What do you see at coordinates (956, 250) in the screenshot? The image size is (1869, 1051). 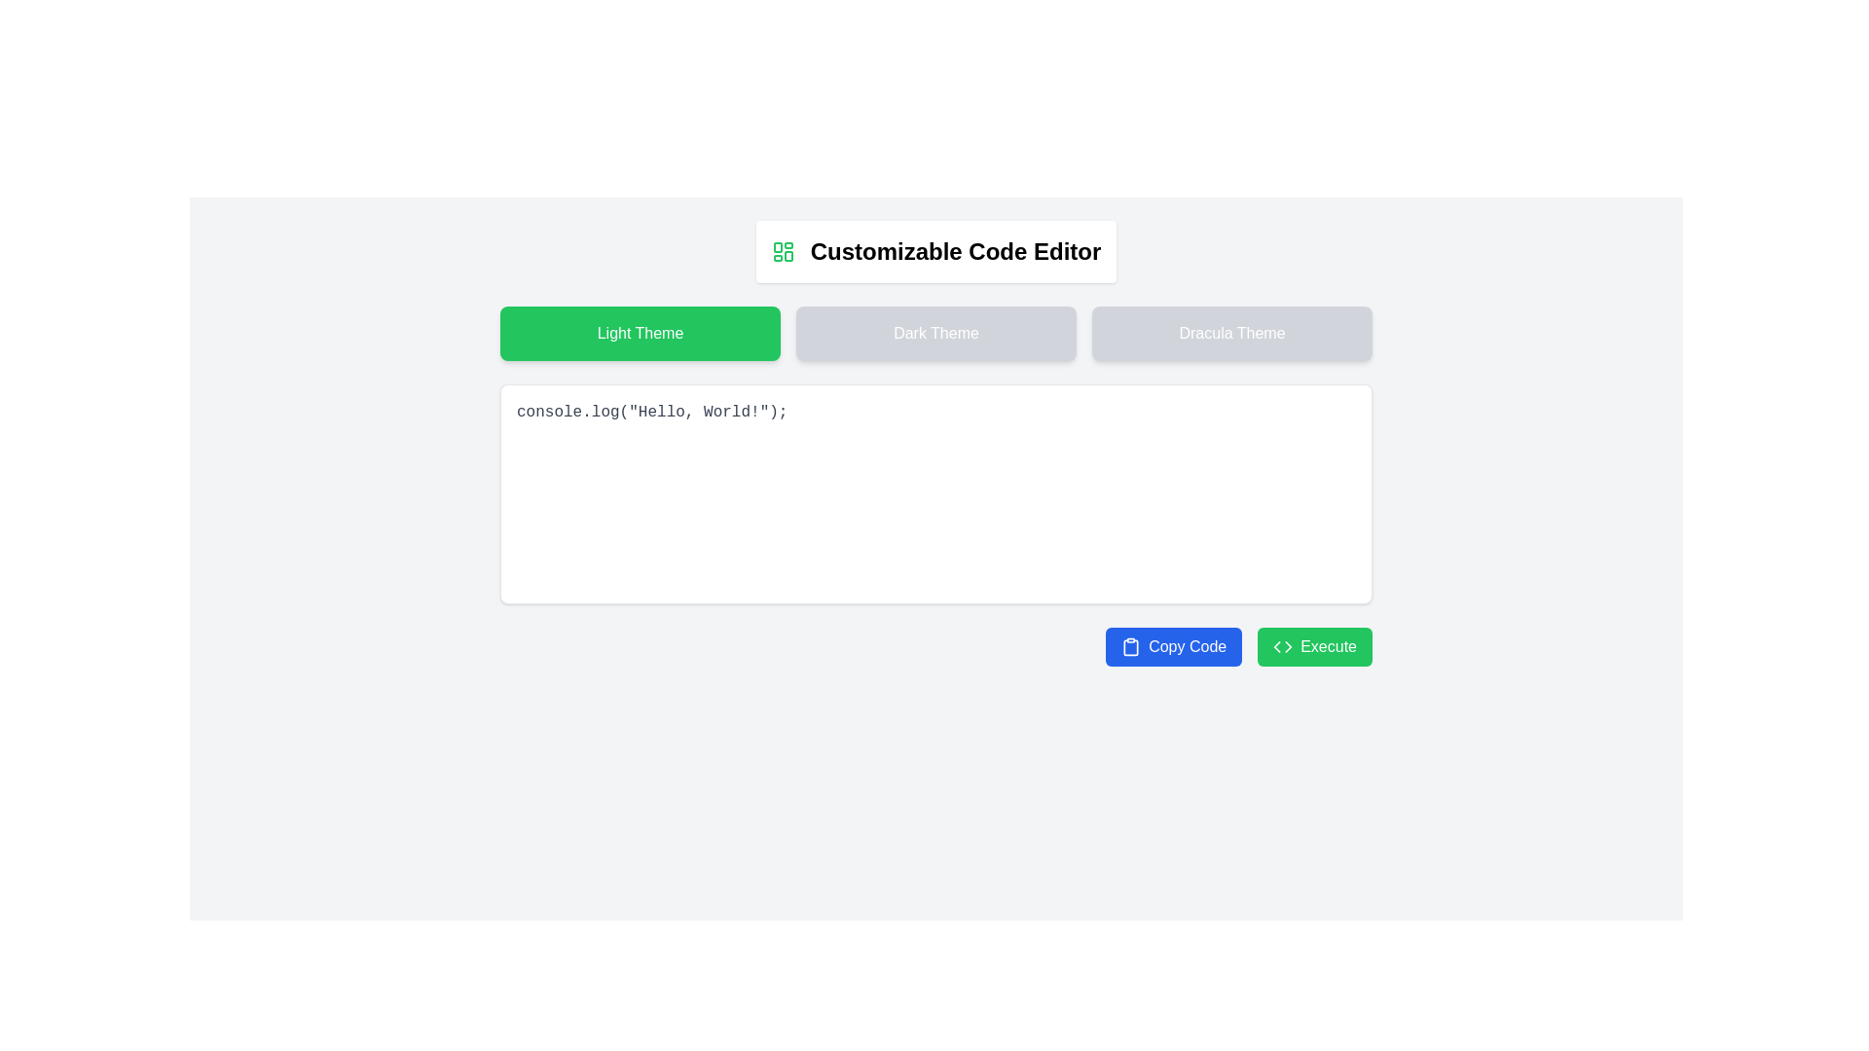 I see `the Text label that serves as the title for the section, located within the top section of a rectangular card component, immediately to the right of the layout dashboard icon` at bounding box center [956, 250].